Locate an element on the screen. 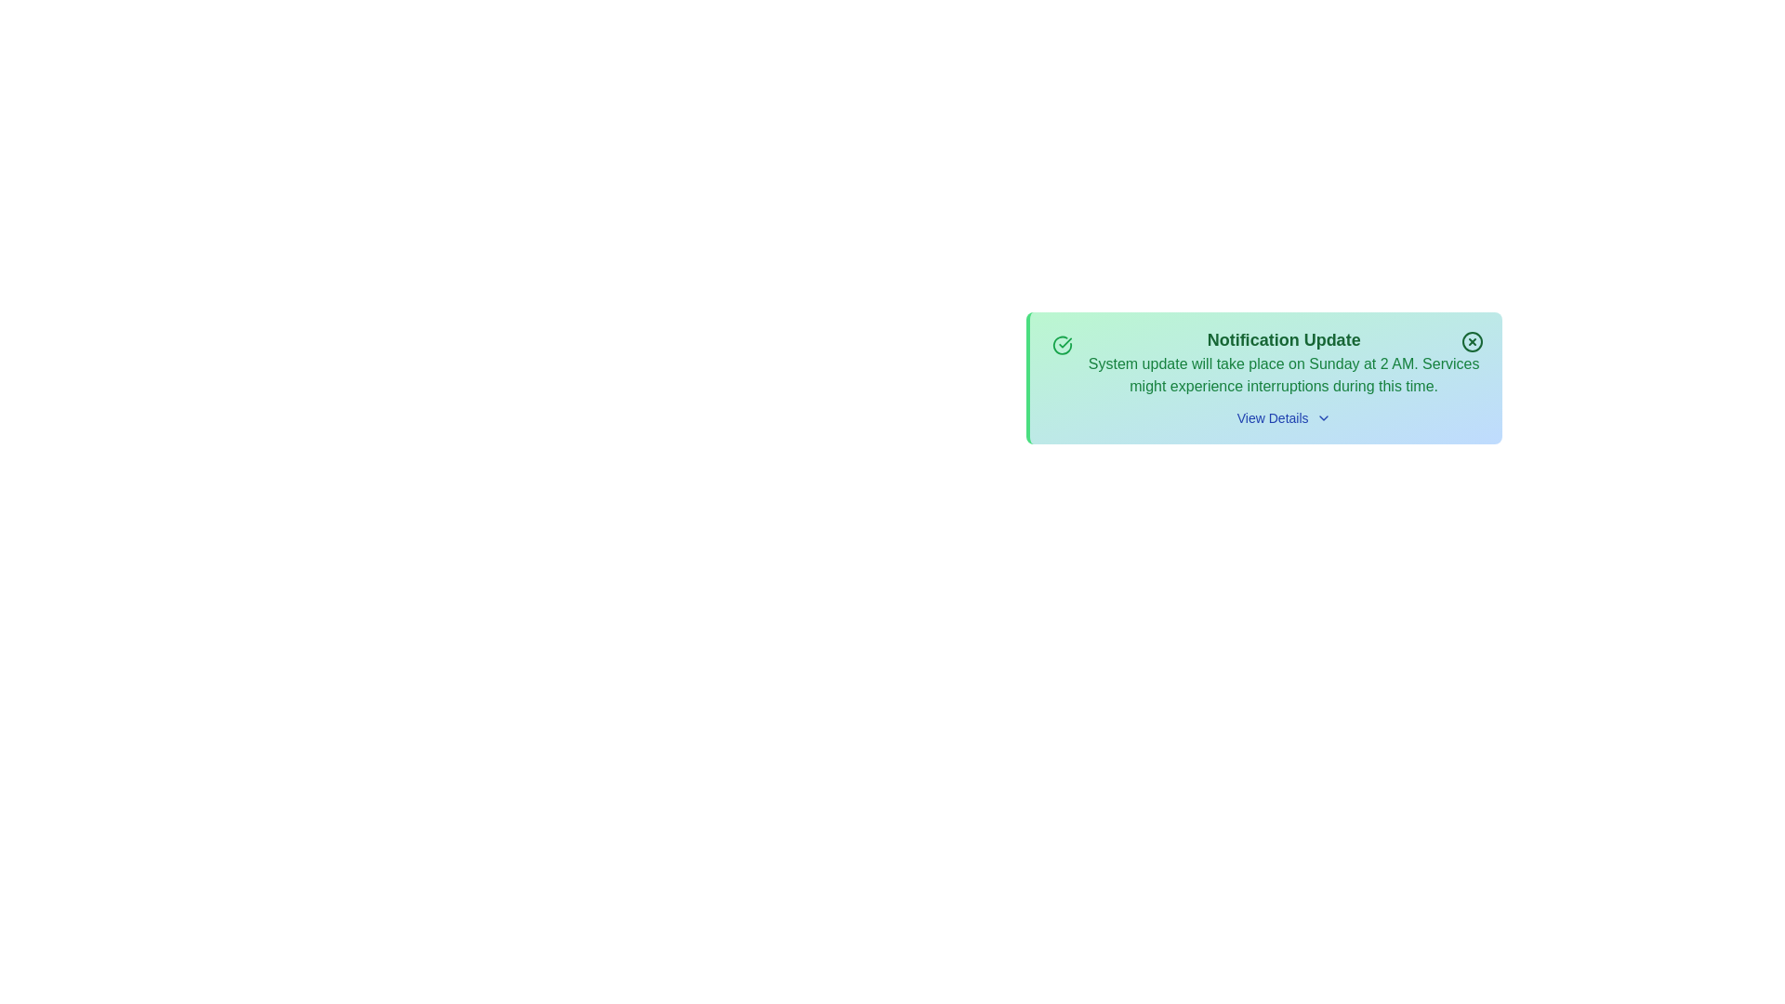 Image resolution: width=1785 pixels, height=1004 pixels. the 'View Details' button to toggle the visibility of additional details is located at coordinates (1283, 418).